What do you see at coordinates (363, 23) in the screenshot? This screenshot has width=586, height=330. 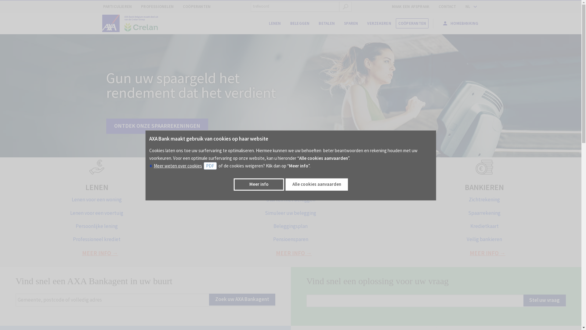 I see `'VERZEKEREN'` at bounding box center [363, 23].